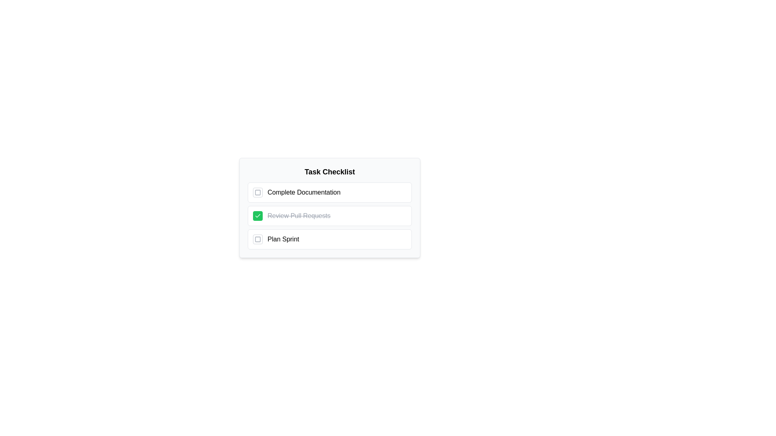 This screenshot has width=776, height=436. What do you see at coordinates (257, 239) in the screenshot?
I see `the unchecked status icon for a task in the 'Plan Sprint' checklist button located in the third row of the checklist interface` at bounding box center [257, 239].